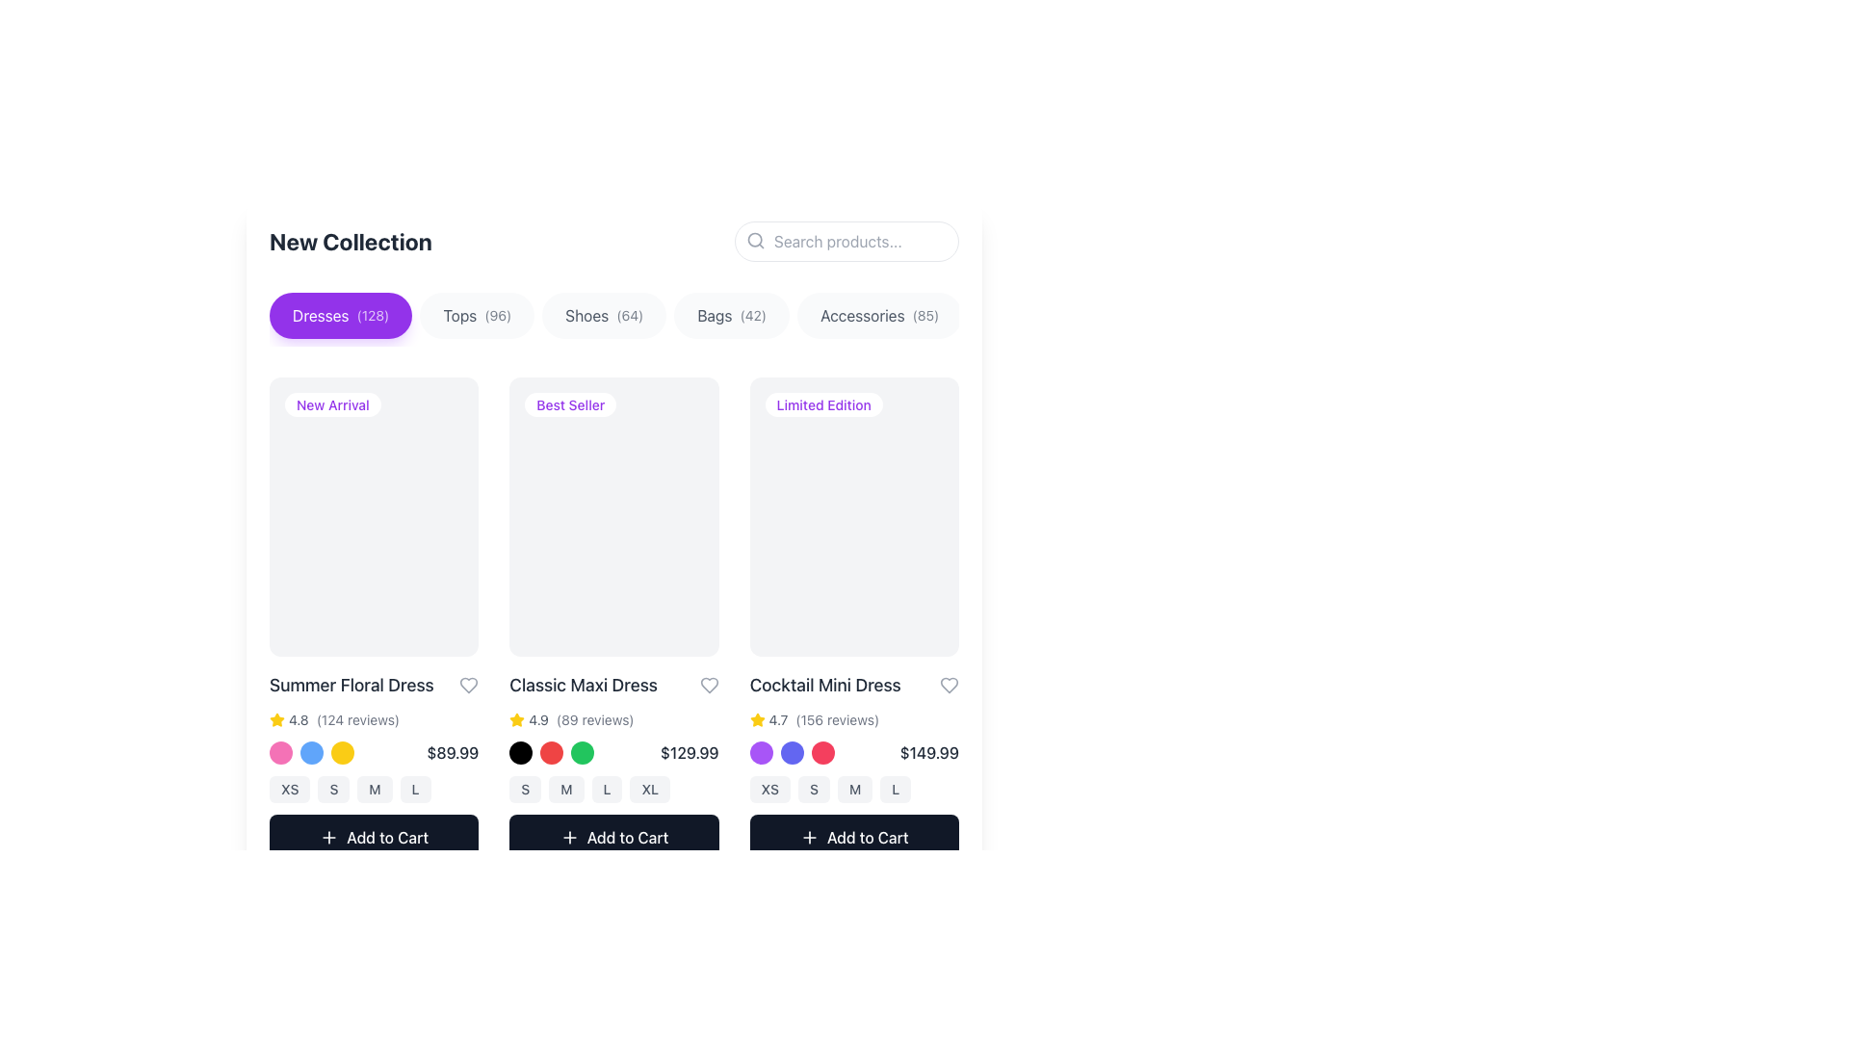 The height and width of the screenshot is (1040, 1849). Describe the element at coordinates (332, 403) in the screenshot. I see `the 'New Arrival' label badge element, which is a rectangular badge with rounded corners featuring purple text on a white background` at that location.